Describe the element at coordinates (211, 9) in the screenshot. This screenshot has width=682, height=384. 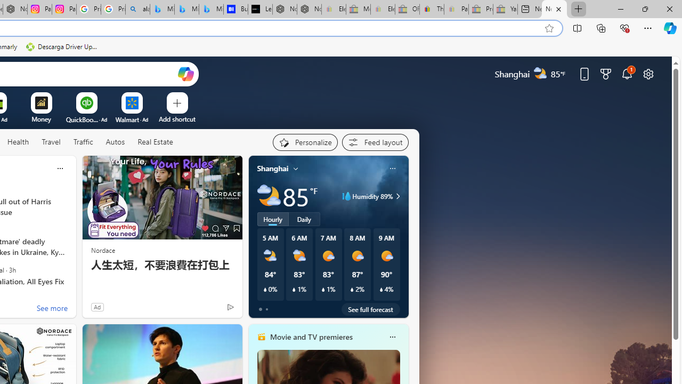
I see `'Microsoft Bing Travel - Shangri-La Hotel Bangkok'` at that location.